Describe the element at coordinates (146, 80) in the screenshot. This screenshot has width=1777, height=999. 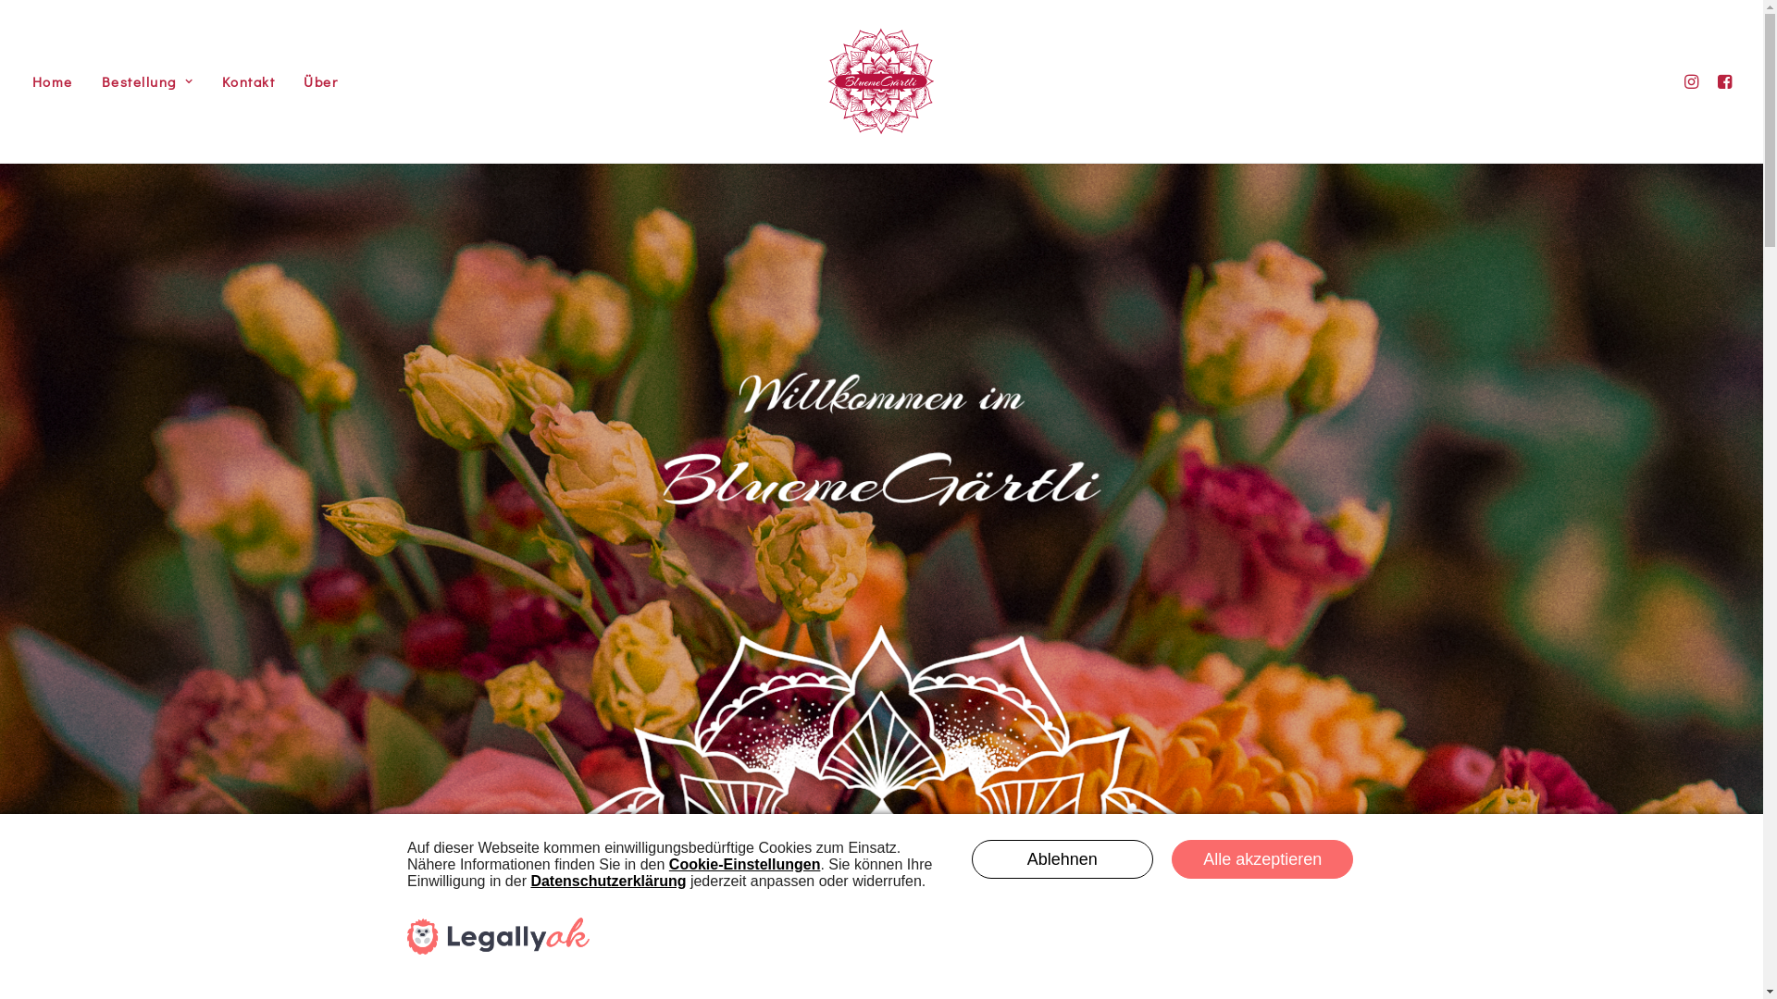
I see `'Bestellung'` at that location.